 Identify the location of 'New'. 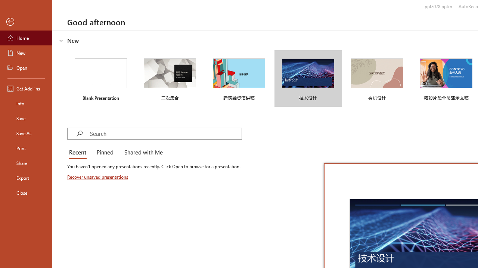
(26, 52).